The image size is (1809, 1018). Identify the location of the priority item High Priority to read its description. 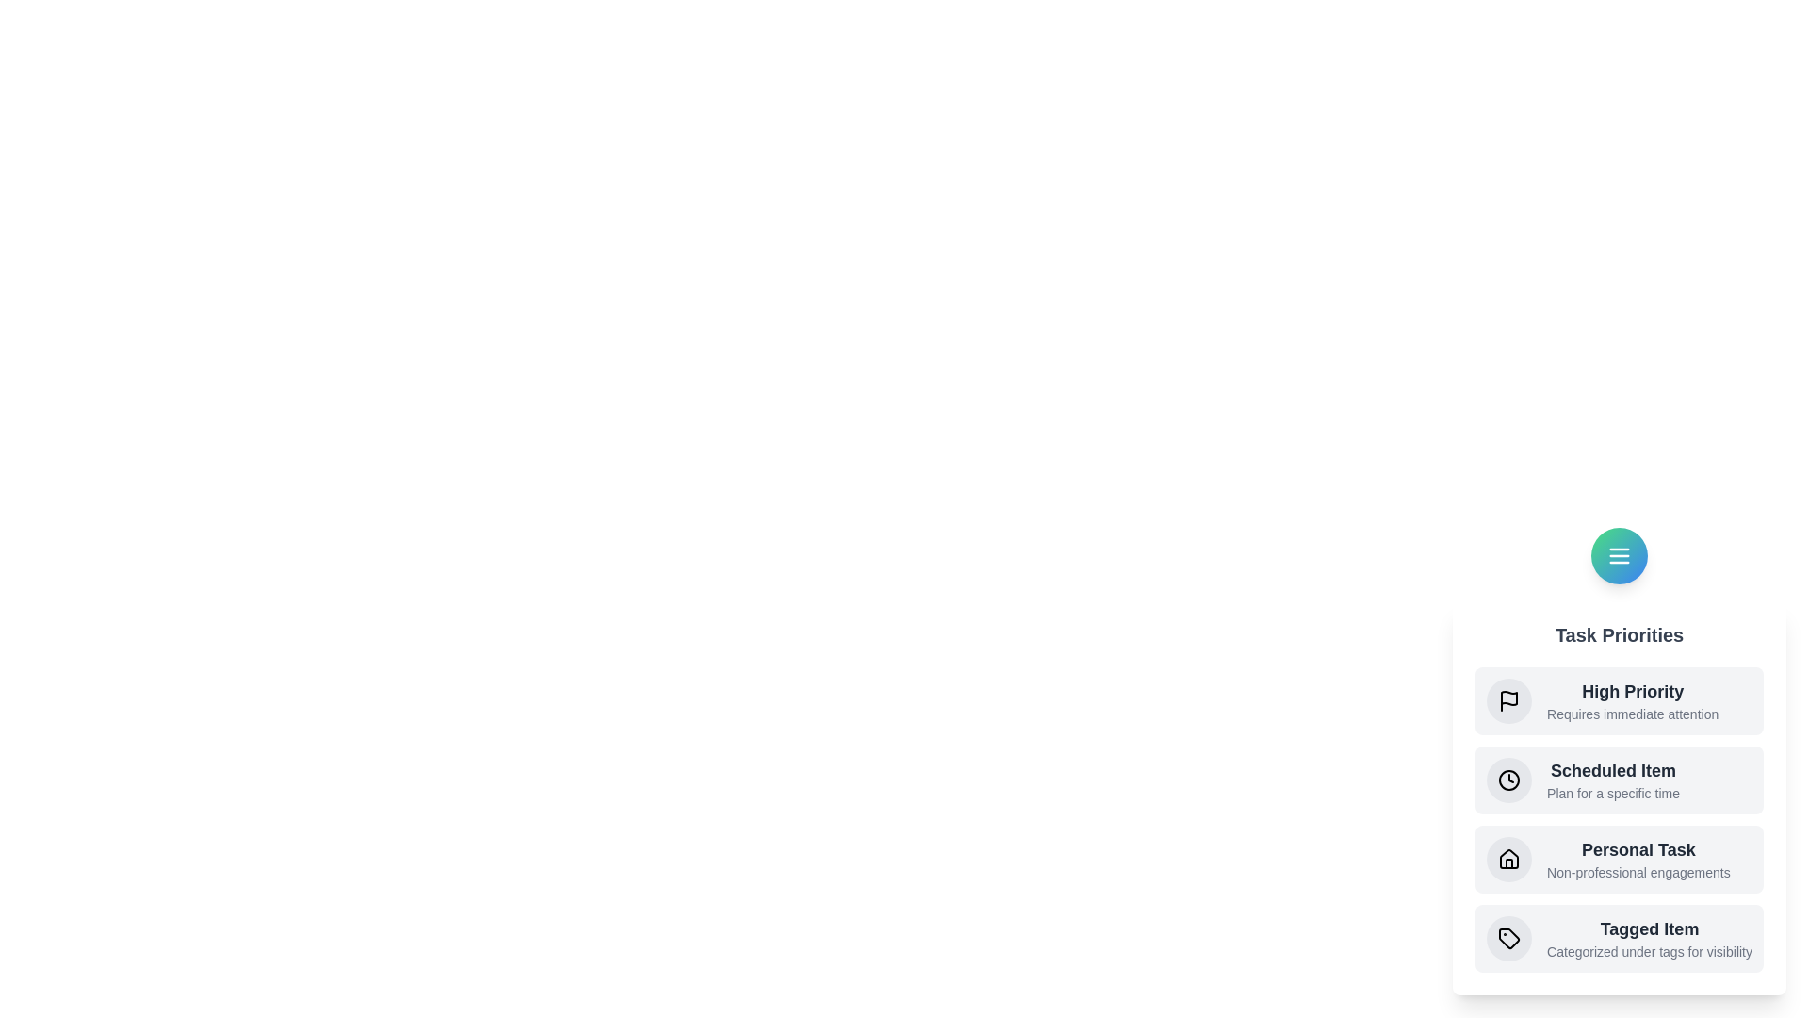
(1618, 701).